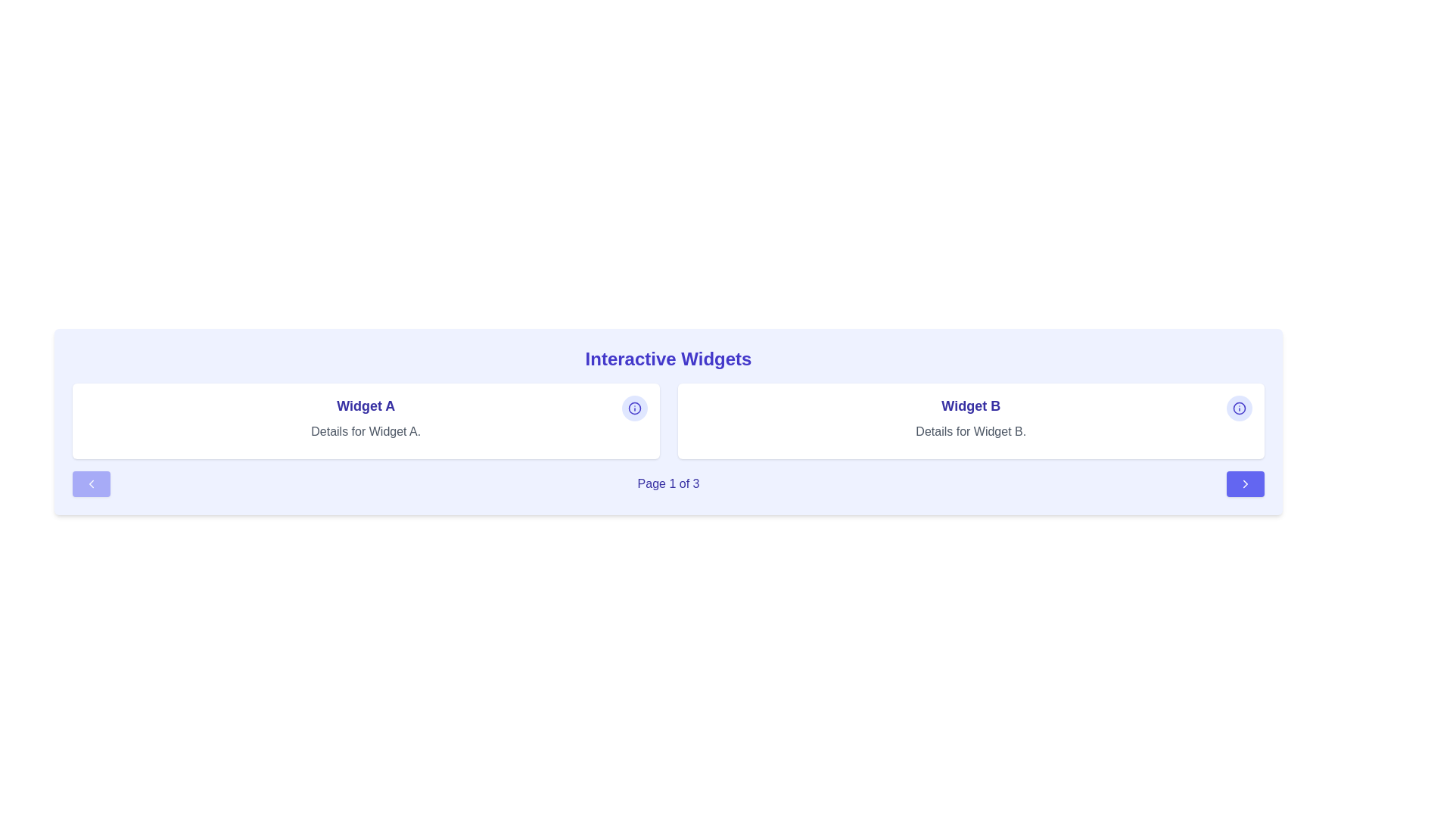  Describe the element at coordinates (667, 484) in the screenshot. I see `the static text displaying 'Page 1 of 3' located at the bottom of a light blue panel, centered between a leftward and rightward arrow icon` at that location.